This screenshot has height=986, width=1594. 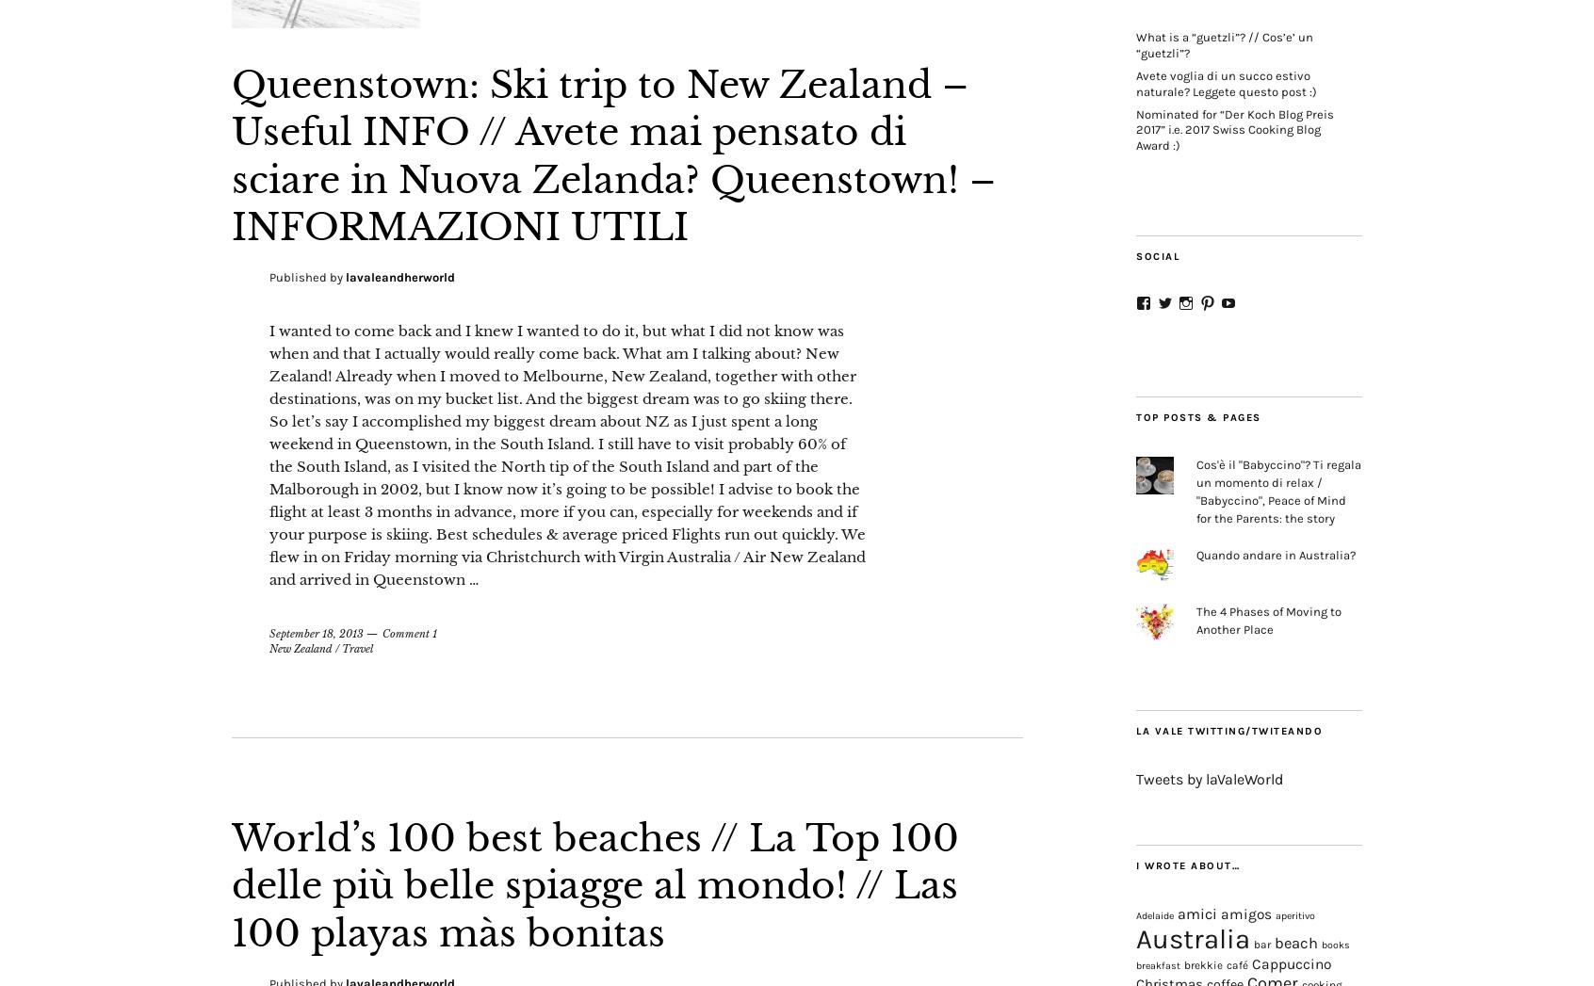 I want to click on 'bar', so click(x=1252, y=945).